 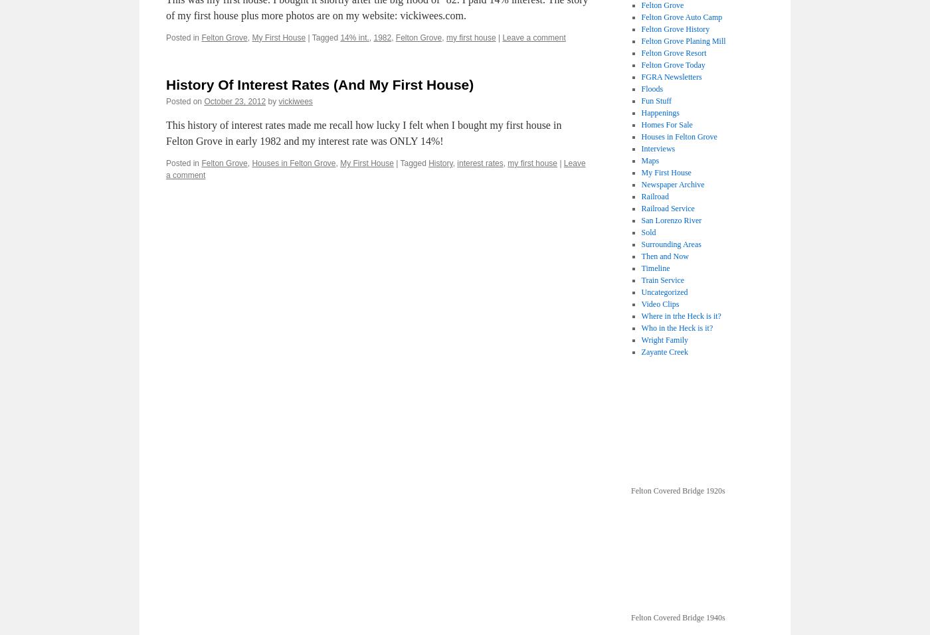 I want to click on 'Uncategorized', so click(x=641, y=292).